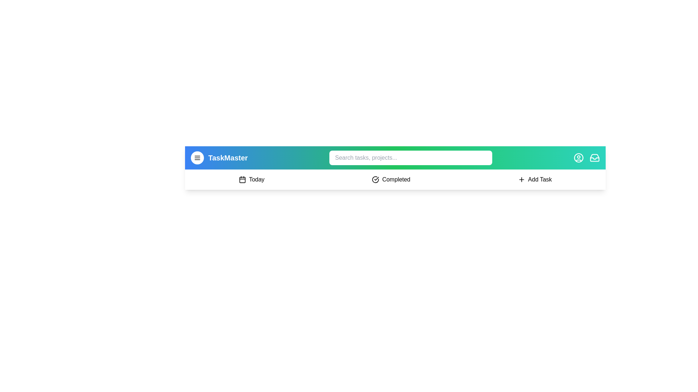  Describe the element at coordinates (390, 179) in the screenshot. I see `the 'Completed' button to navigate to the 'Completed' section` at that location.